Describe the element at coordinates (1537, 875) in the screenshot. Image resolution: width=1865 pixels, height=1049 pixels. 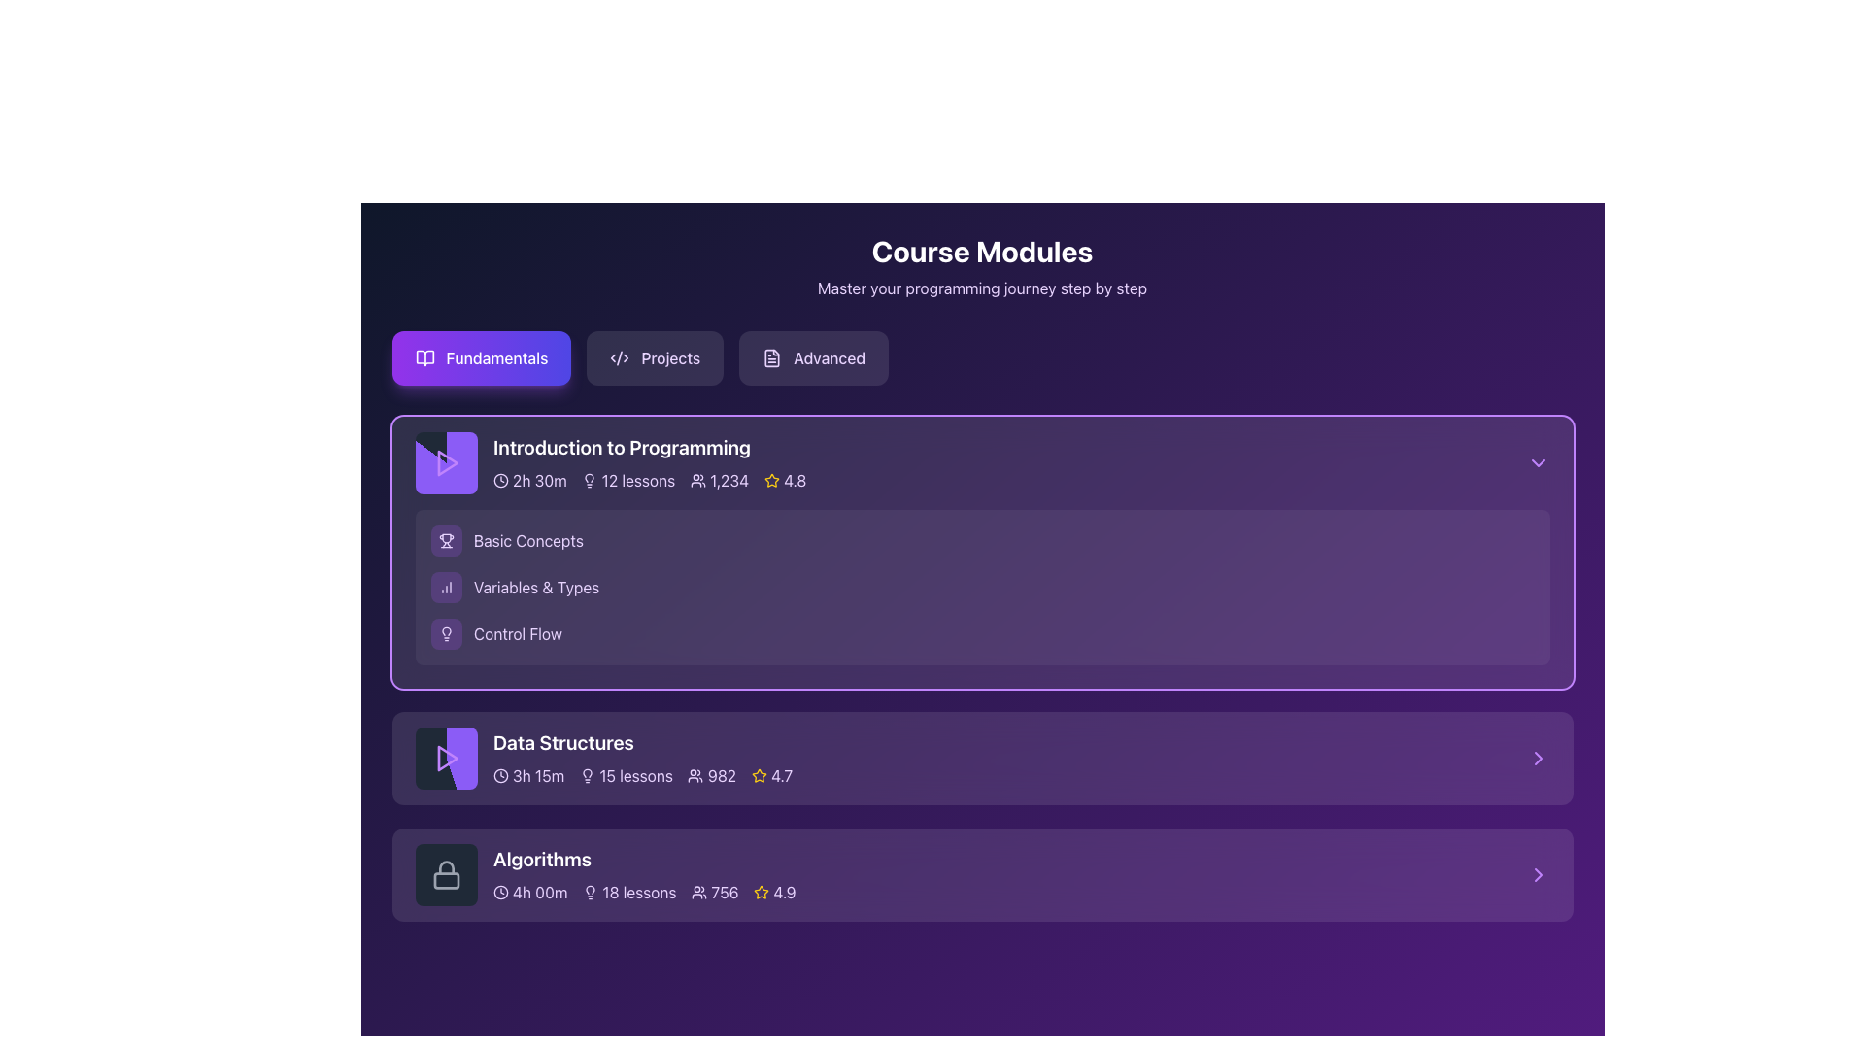
I see `the right-facing purple chevron icon located at the far right of the 'Algorithms' course section to interact with it` at that location.